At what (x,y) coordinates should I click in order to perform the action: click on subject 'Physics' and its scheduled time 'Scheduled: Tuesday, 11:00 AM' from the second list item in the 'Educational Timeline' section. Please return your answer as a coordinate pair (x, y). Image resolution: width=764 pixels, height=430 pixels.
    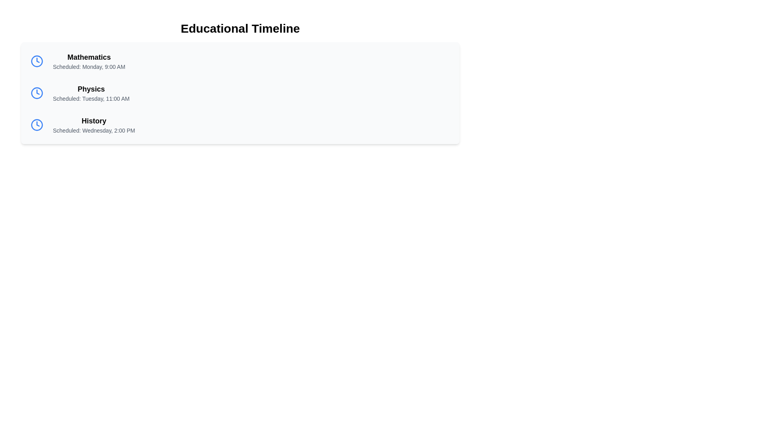
    Looking at the image, I should click on (240, 93).